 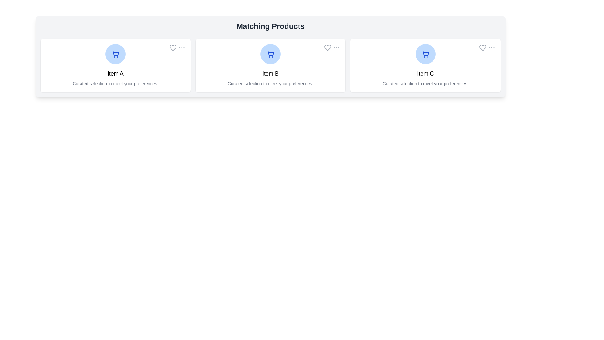 I want to click on the 'more options' button for Item B, so click(x=336, y=47).